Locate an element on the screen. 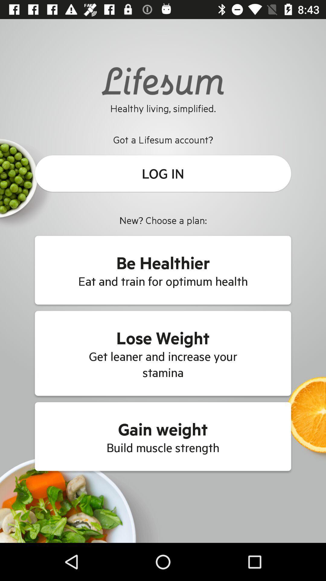 This screenshot has width=326, height=581. log in icon is located at coordinates (163, 173).